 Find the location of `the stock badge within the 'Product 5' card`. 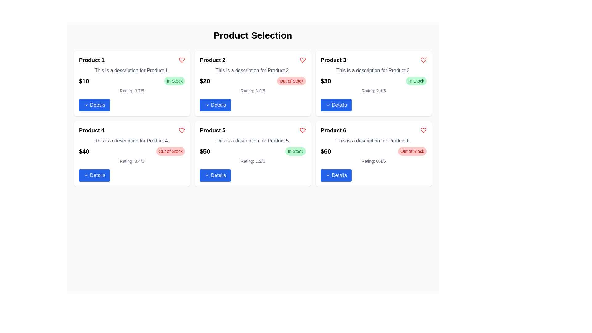

the stock badge within the 'Product 5' card is located at coordinates (253, 151).